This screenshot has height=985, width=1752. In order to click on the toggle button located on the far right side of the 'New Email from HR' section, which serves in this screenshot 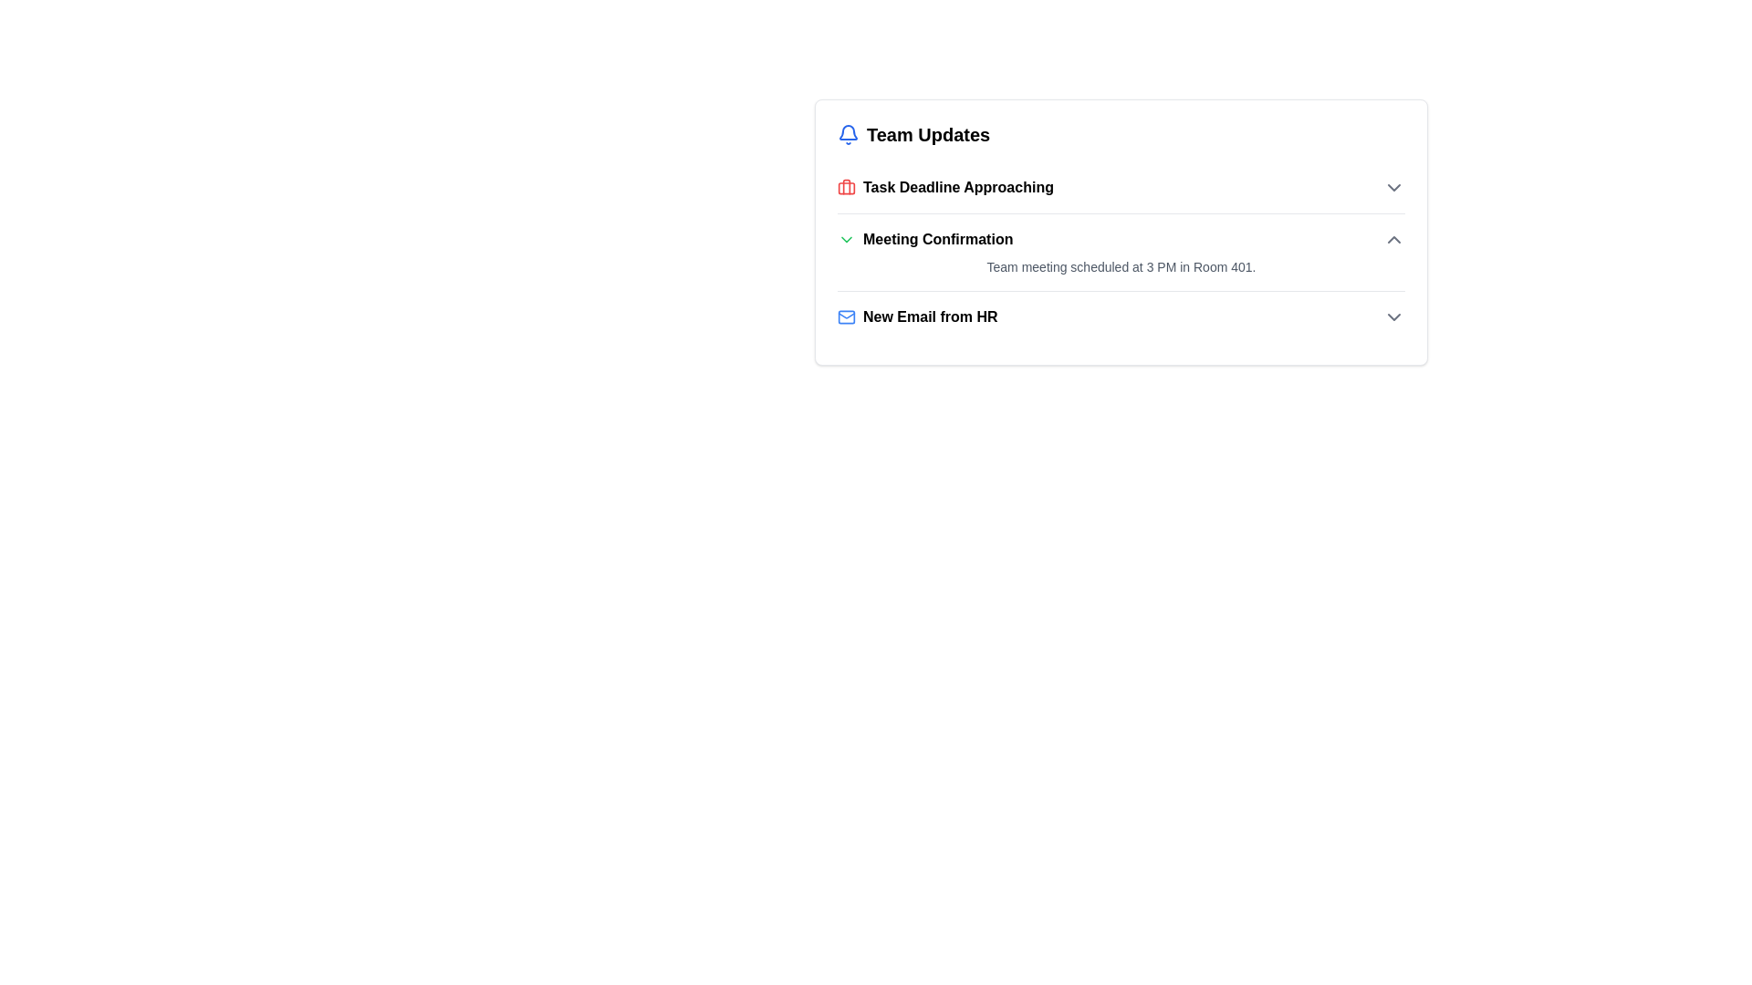, I will do `click(1392, 316)`.